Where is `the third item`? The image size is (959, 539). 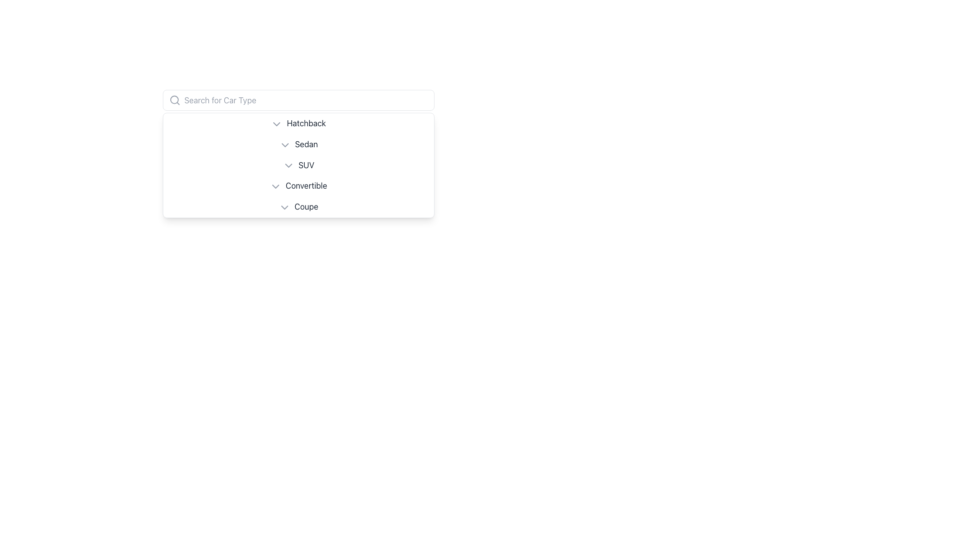
the third item is located at coordinates (298, 165).